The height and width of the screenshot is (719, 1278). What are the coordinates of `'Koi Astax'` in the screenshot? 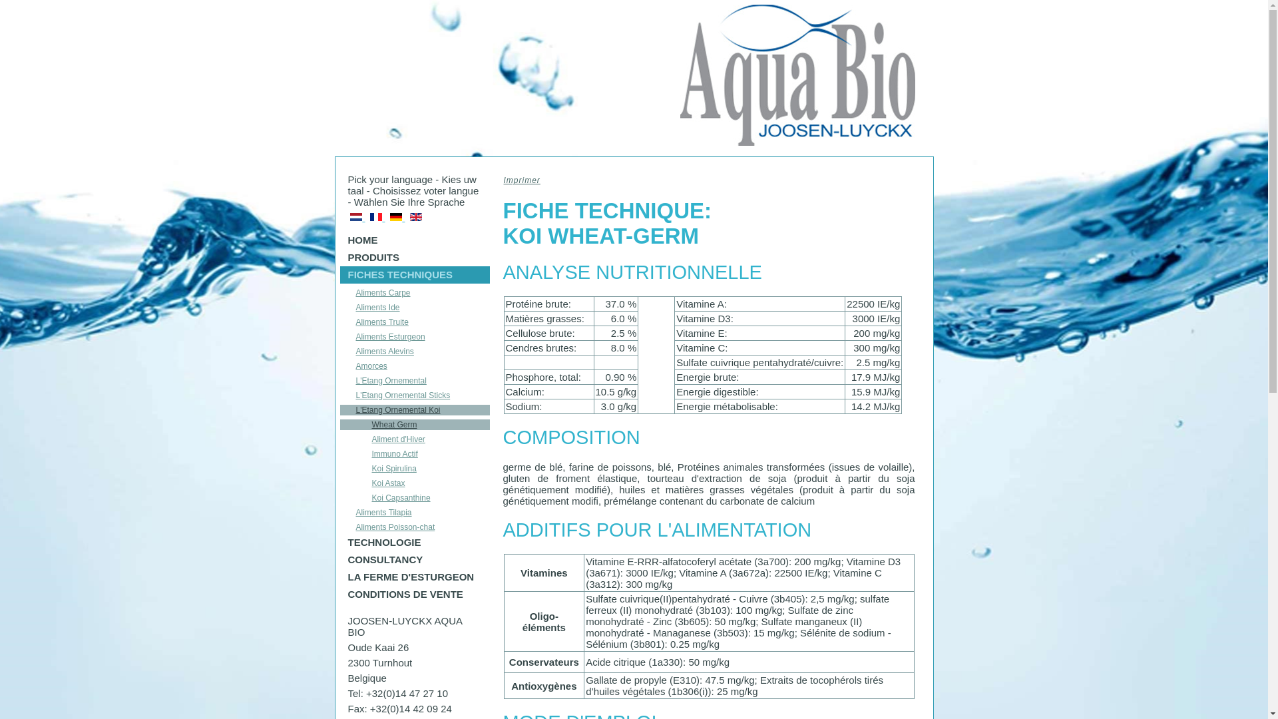 It's located at (413, 483).